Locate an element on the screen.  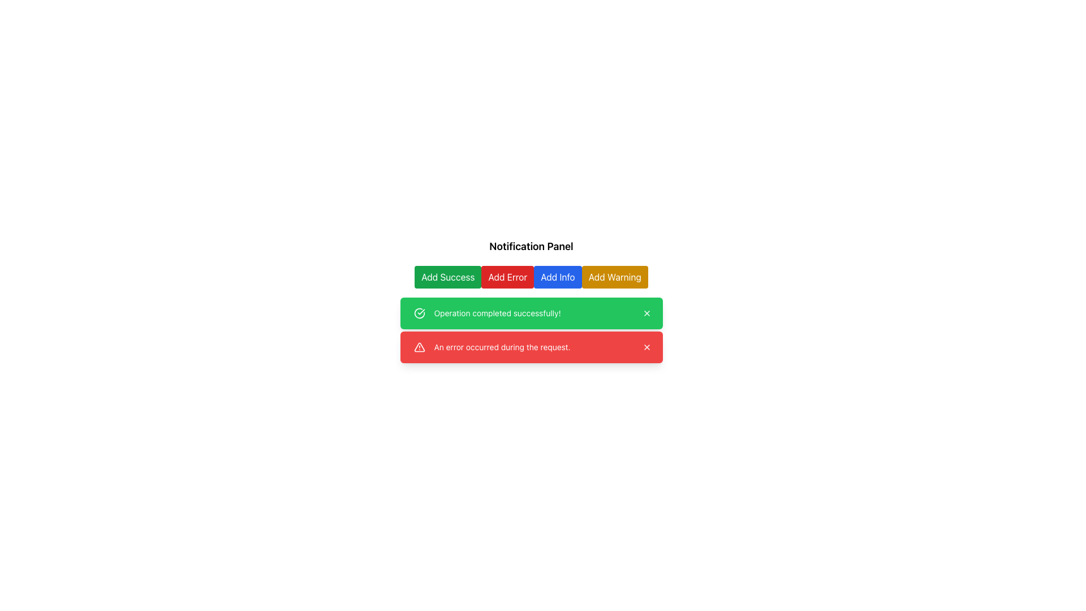
the 'Add Error' button located to the right of the 'Add Success' button and to the left of the 'Add Info' button in the Notification Panel is located at coordinates (507, 277).